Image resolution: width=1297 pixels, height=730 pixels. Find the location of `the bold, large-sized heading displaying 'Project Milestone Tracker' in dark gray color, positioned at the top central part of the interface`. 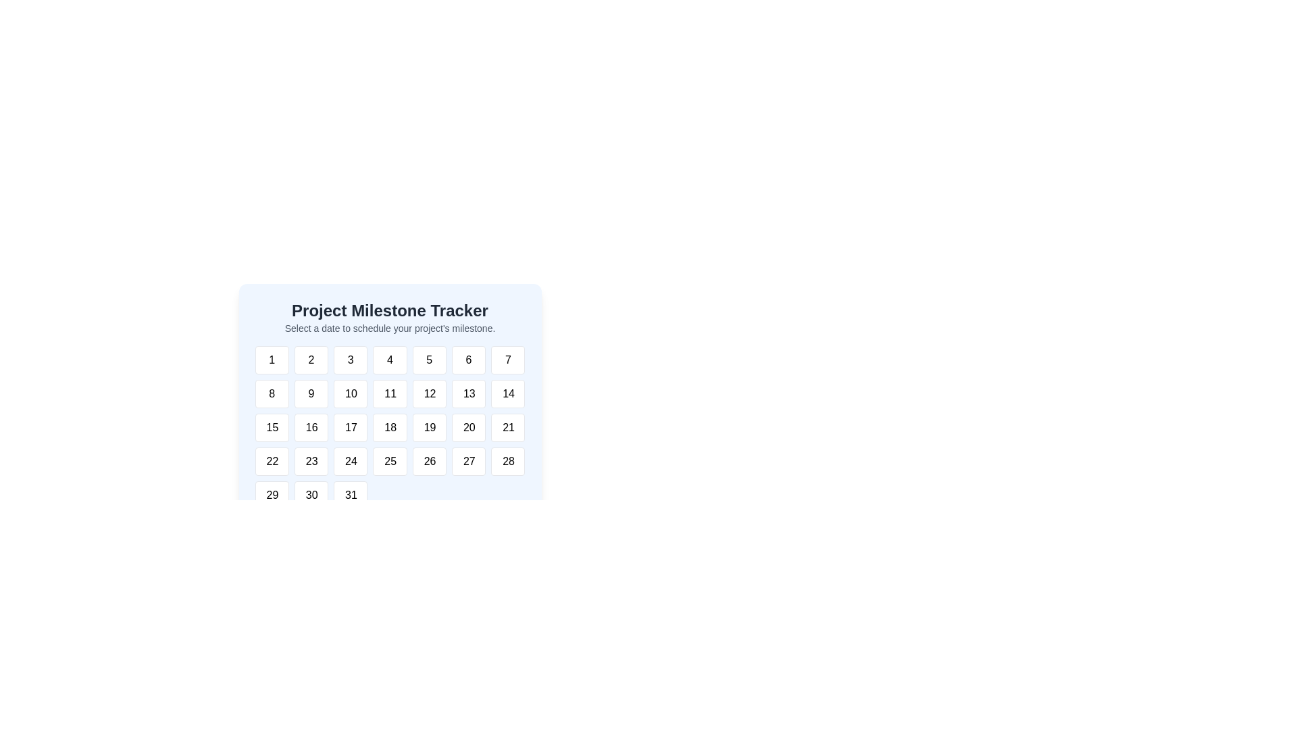

the bold, large-sized heading displaying 'Project Milestone Tracker' in dark gray color, positioned at the top central part of the interface is located at coordinates (389, 310).